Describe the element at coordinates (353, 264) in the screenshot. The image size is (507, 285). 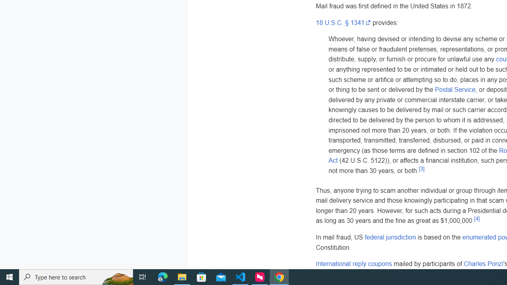
I see `'International reply coupons'` at that location.